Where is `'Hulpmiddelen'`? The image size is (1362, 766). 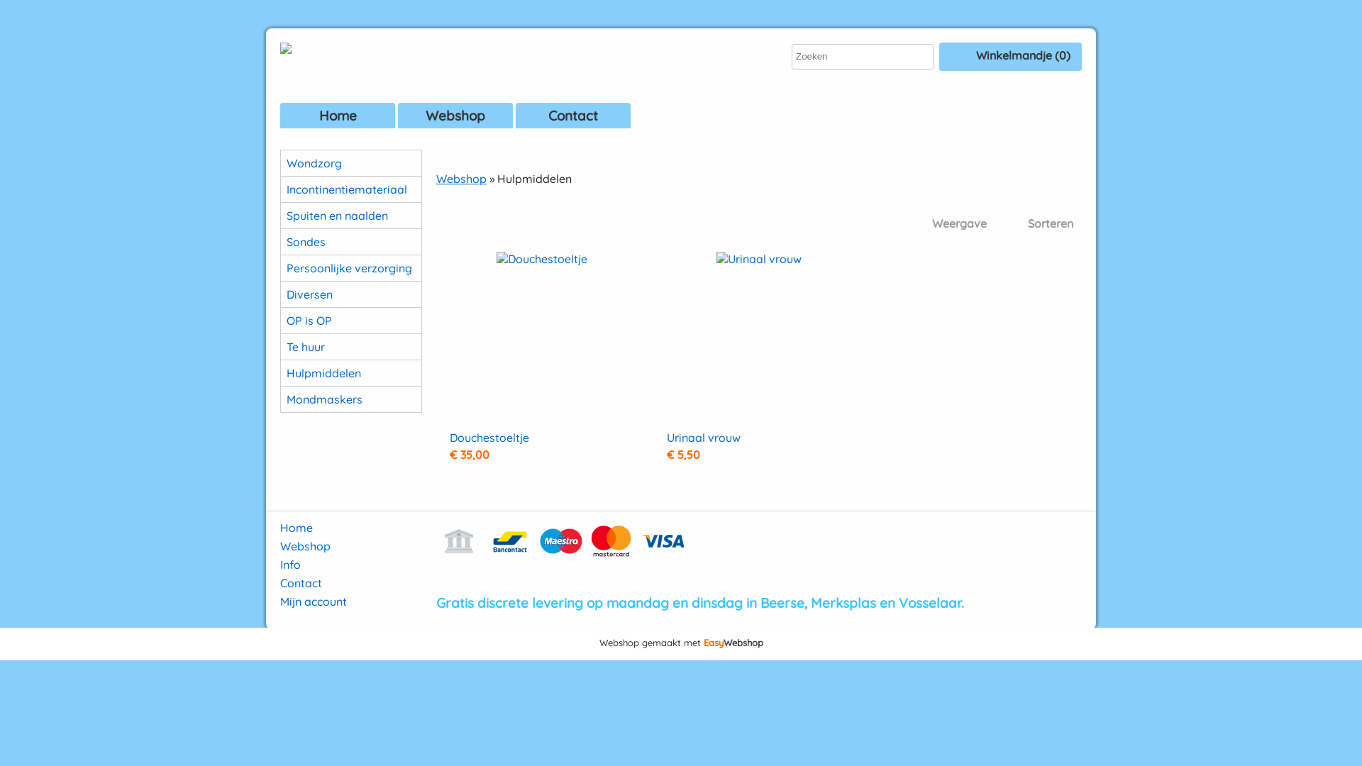
'Hulpmiddelen' is located at coordinates (350, 372).